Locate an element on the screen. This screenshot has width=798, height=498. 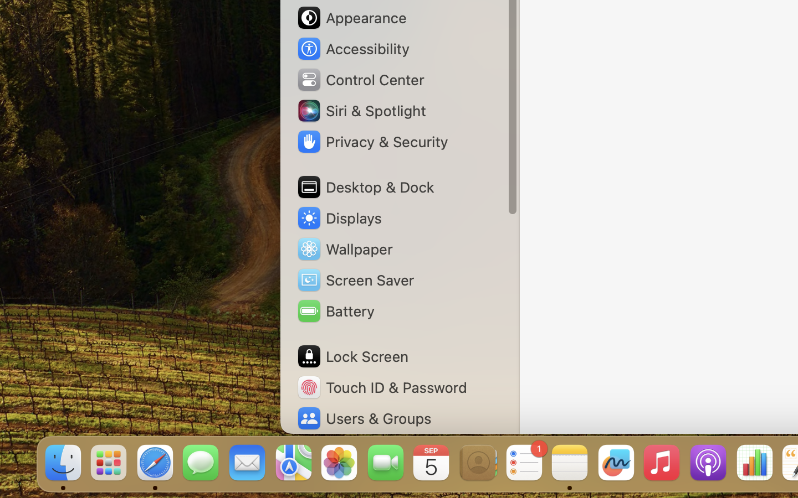
'Screen Saver' is located at coordinates (354, 279).